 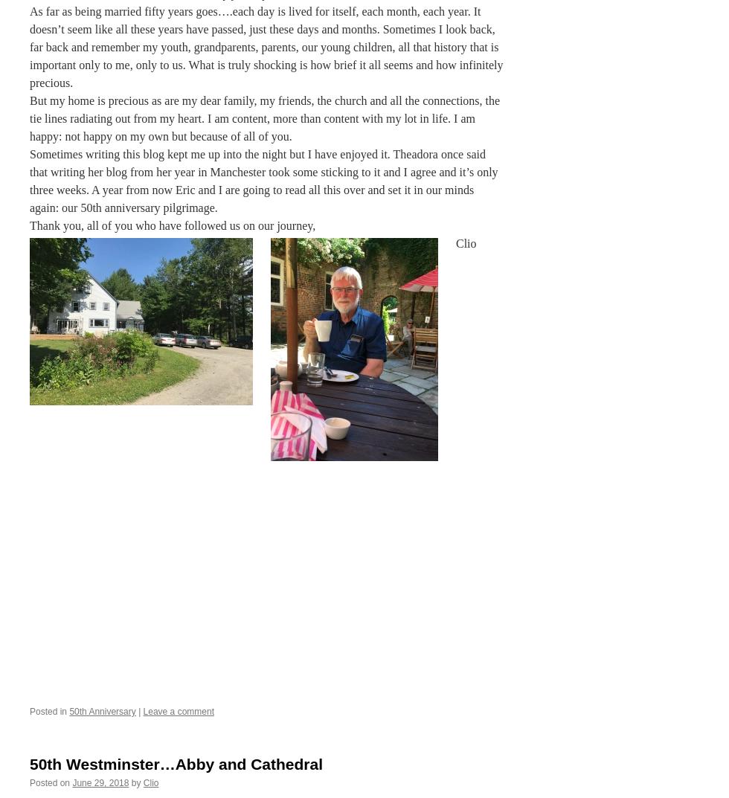 What do you see at coordinates (139, 710) in the screenshot?
I see `'|'` at bounding box center [139, 710].